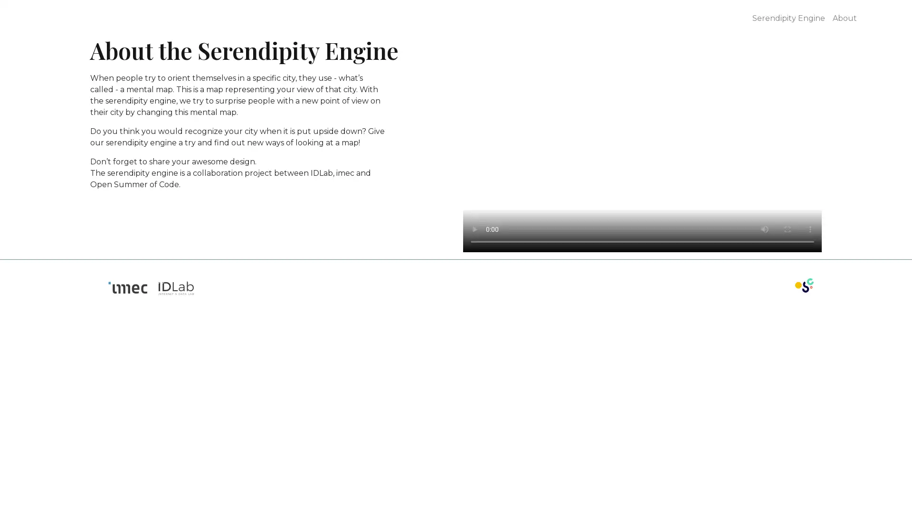 The height and width of the screenshot is (513, 912). Describe the element at coordinates (787, 229) in the screenshot. I see `enter full screen` at that location.